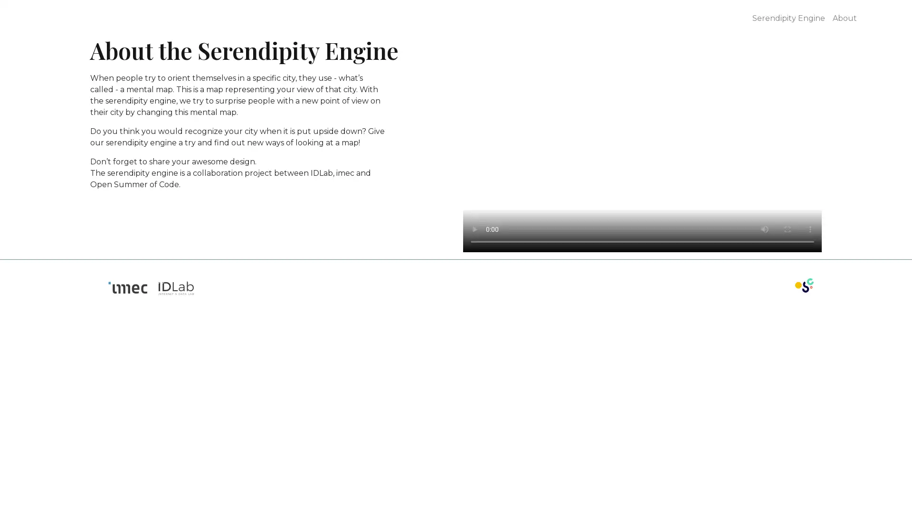 The height and width of the screenshot is (513, 912). Describe the element at coordinates (787, 229) in the screenshot. I see `enter full screen` at that location.